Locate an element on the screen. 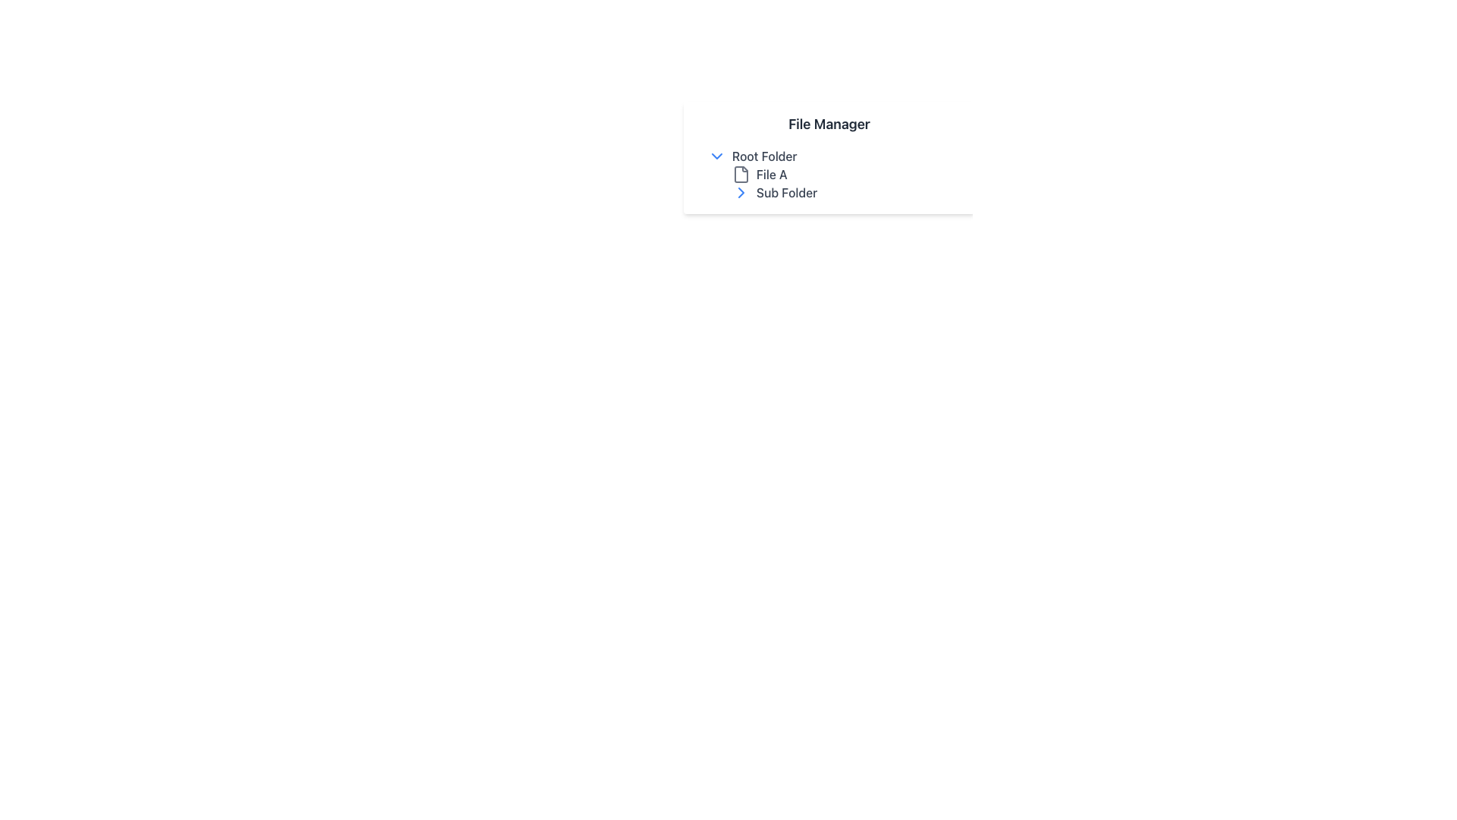 The width and height of the screenshot is (1457, 820). label 'Root Folder' from the Text label located in a file manager interface, positioned to the right of a downward-pointing blue arrow icon is located at coordinates (764, 156).